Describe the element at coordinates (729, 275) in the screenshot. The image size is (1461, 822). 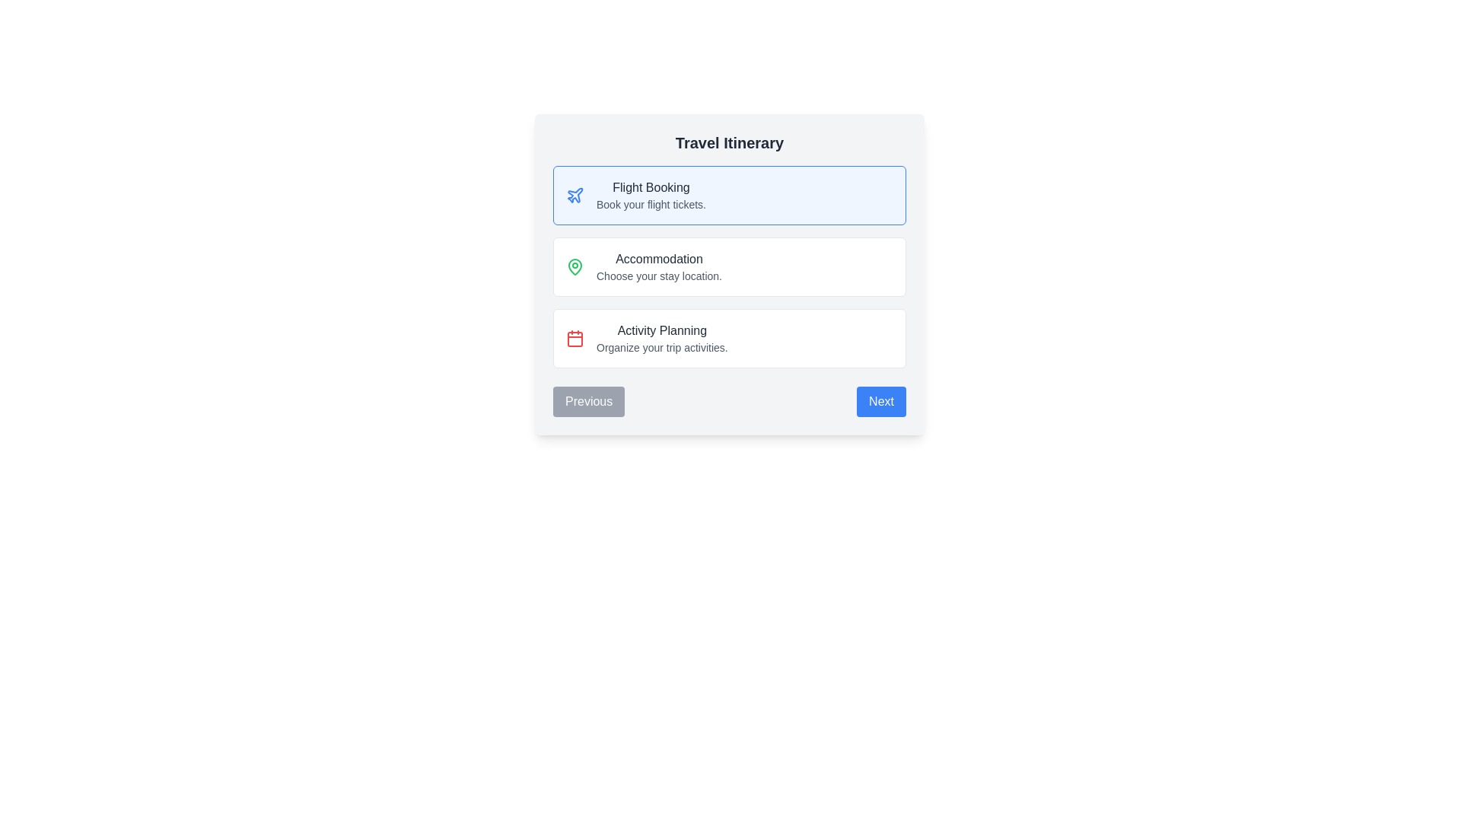
I see `inside the informational module for travel planning, titled 'Travel Itinerary', located centrally below the title and above the navigation buttons` at that location.